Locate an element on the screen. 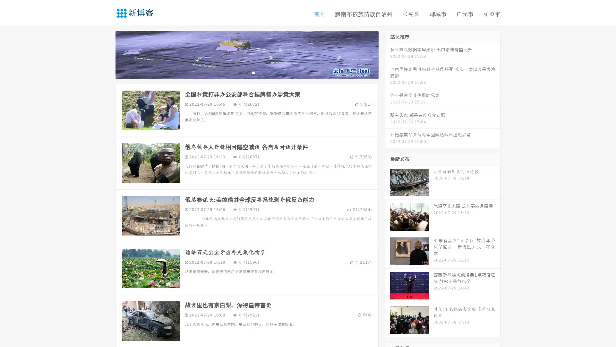 Image resolution: width=616 pixels, height=347 pixels. Go to slide 2 is located at coordinates (246, 72).